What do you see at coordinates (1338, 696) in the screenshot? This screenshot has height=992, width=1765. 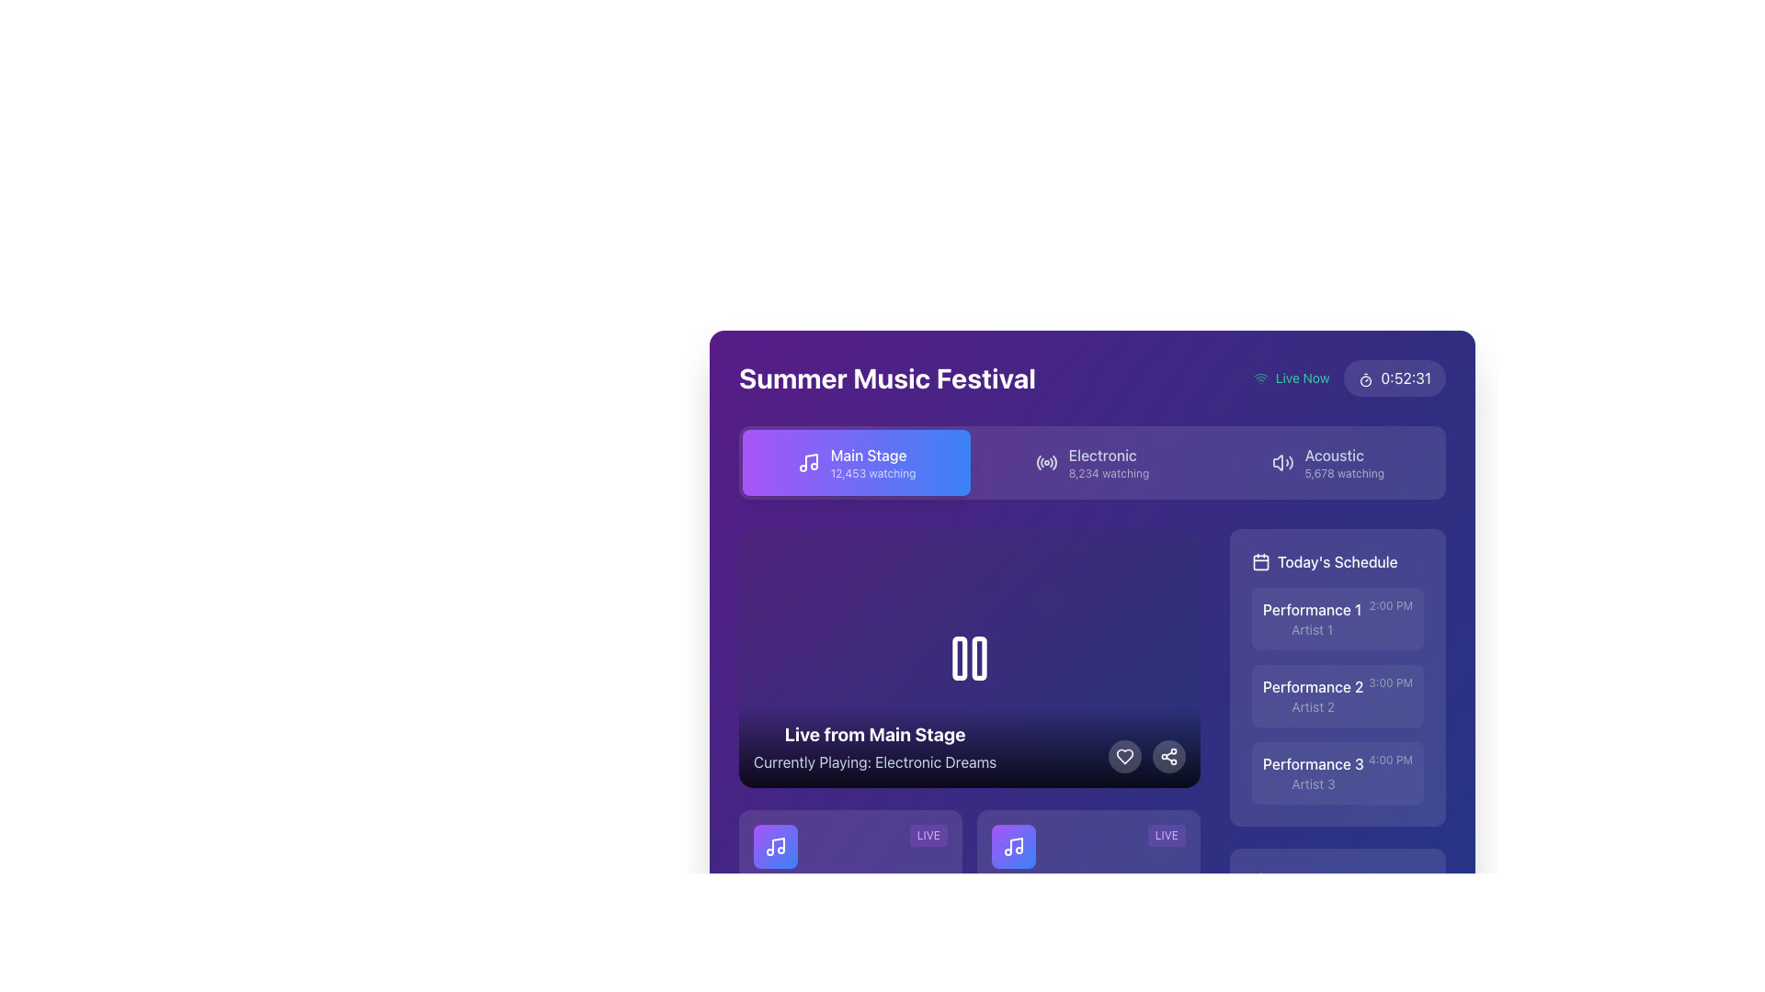 I see `the list item displaying 'Performance 2', which shows details for the second performance entry in today's schedule` at bounding box center [1338, 696].